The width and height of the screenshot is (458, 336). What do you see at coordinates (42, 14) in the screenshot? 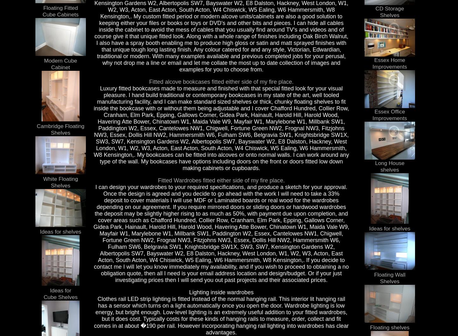
I see `'Cube Cabinets'` at bounding box center [42, 14].